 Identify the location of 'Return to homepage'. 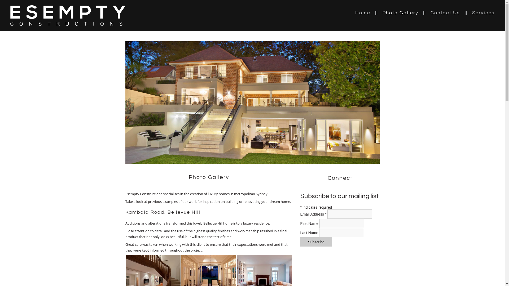
(67, 15).